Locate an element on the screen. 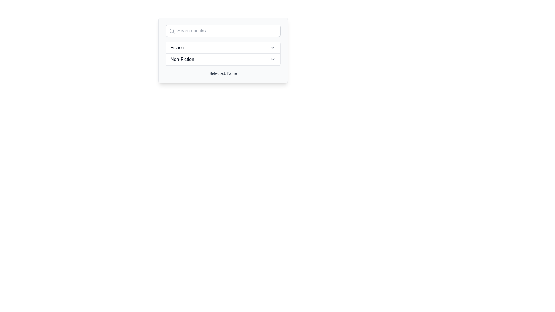 Image resolution: width=555 pixels, height=312 pixels. the static text display that shows the currently selected option from the dropdown menus above, located beneath the 'Non-Fiction' dropdown menu in the 'Search books' panel is located at coordinates (223, 73).